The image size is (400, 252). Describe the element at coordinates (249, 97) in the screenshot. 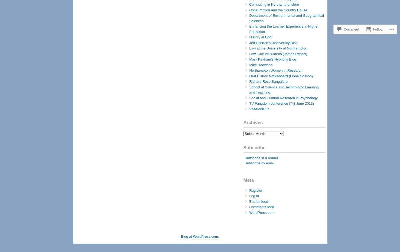

I see `'Social and Cultural Research in Psychology'` at that location.